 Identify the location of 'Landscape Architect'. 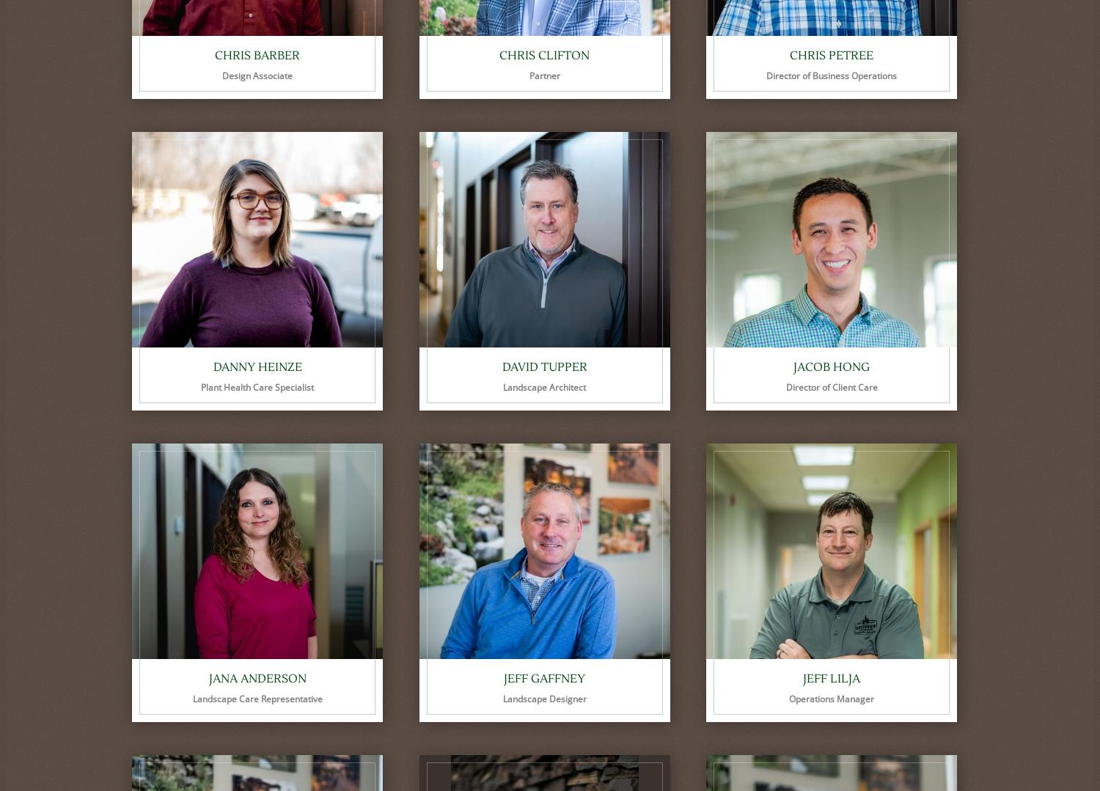
(543, 387).